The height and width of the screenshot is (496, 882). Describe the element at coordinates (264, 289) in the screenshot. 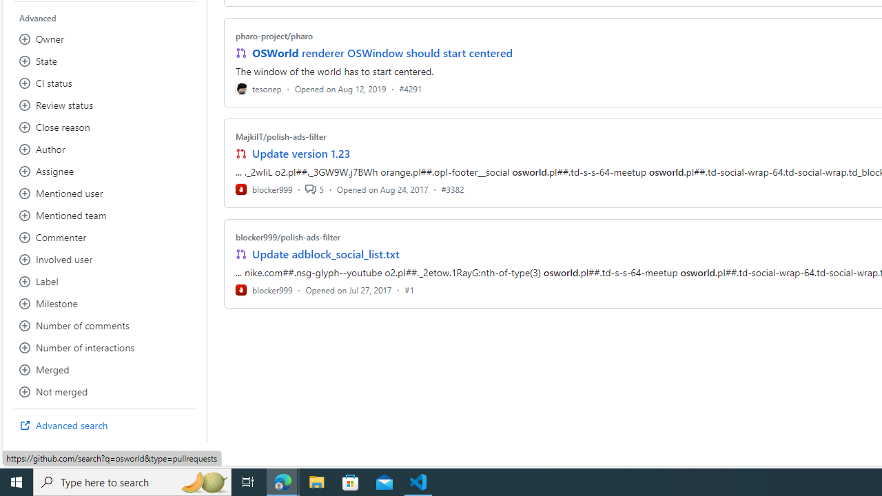

I see `'blocker999'` at that location.